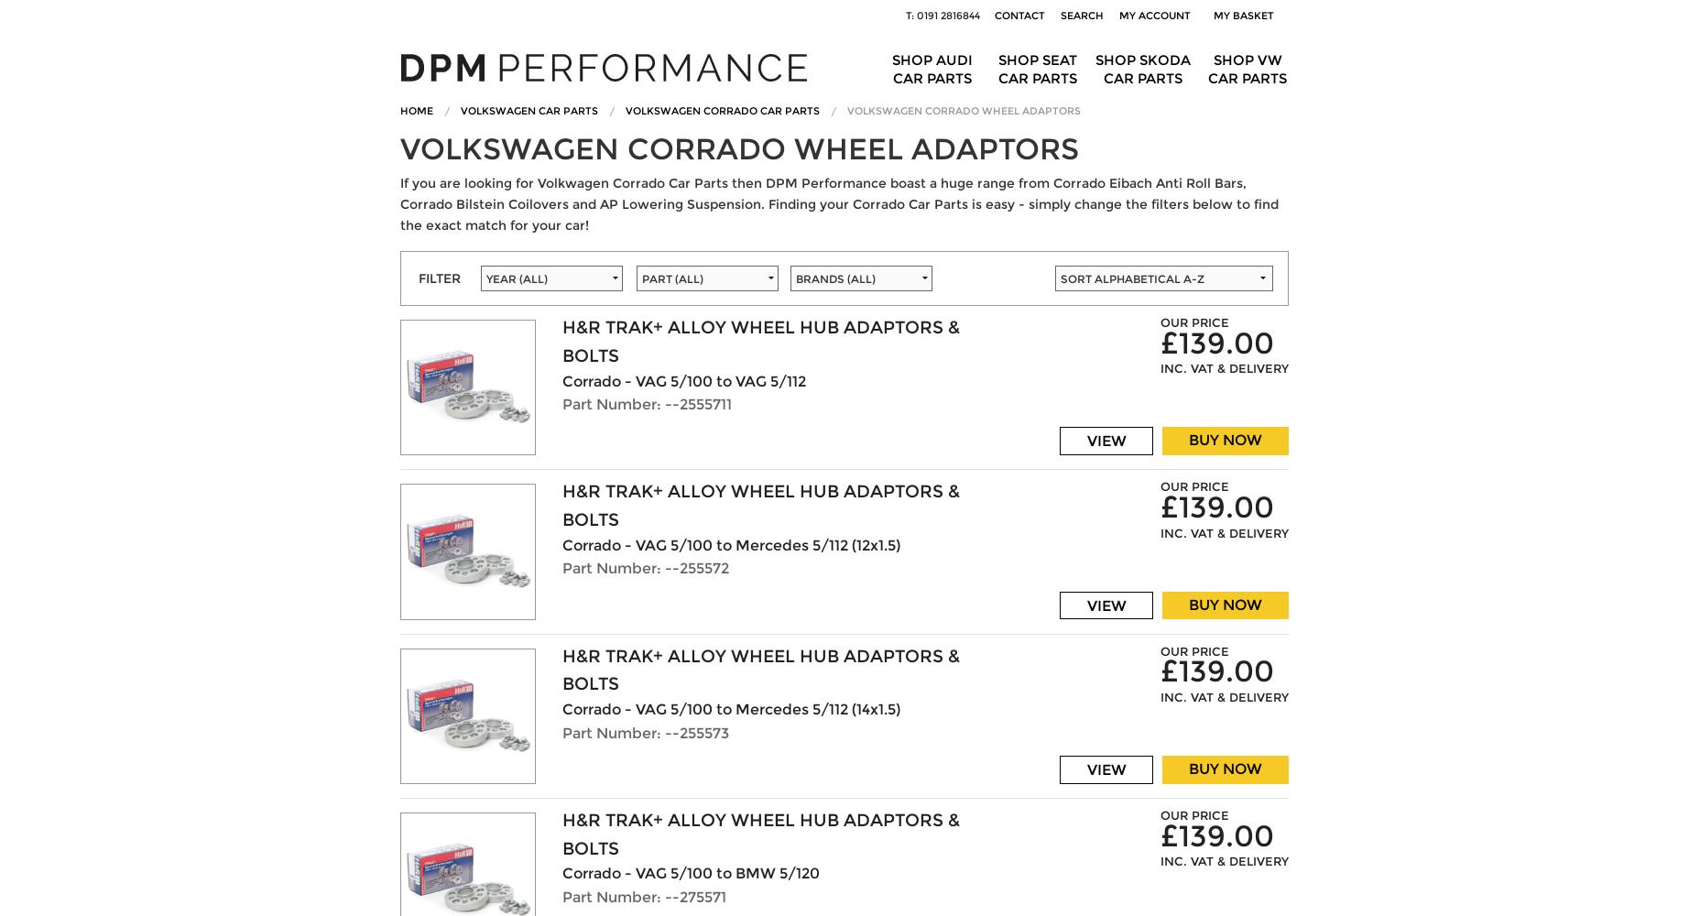  Describe the element at coordinates (528, 109) in the screenshot. I see `'Volkswagen Car Parts'` at that location.